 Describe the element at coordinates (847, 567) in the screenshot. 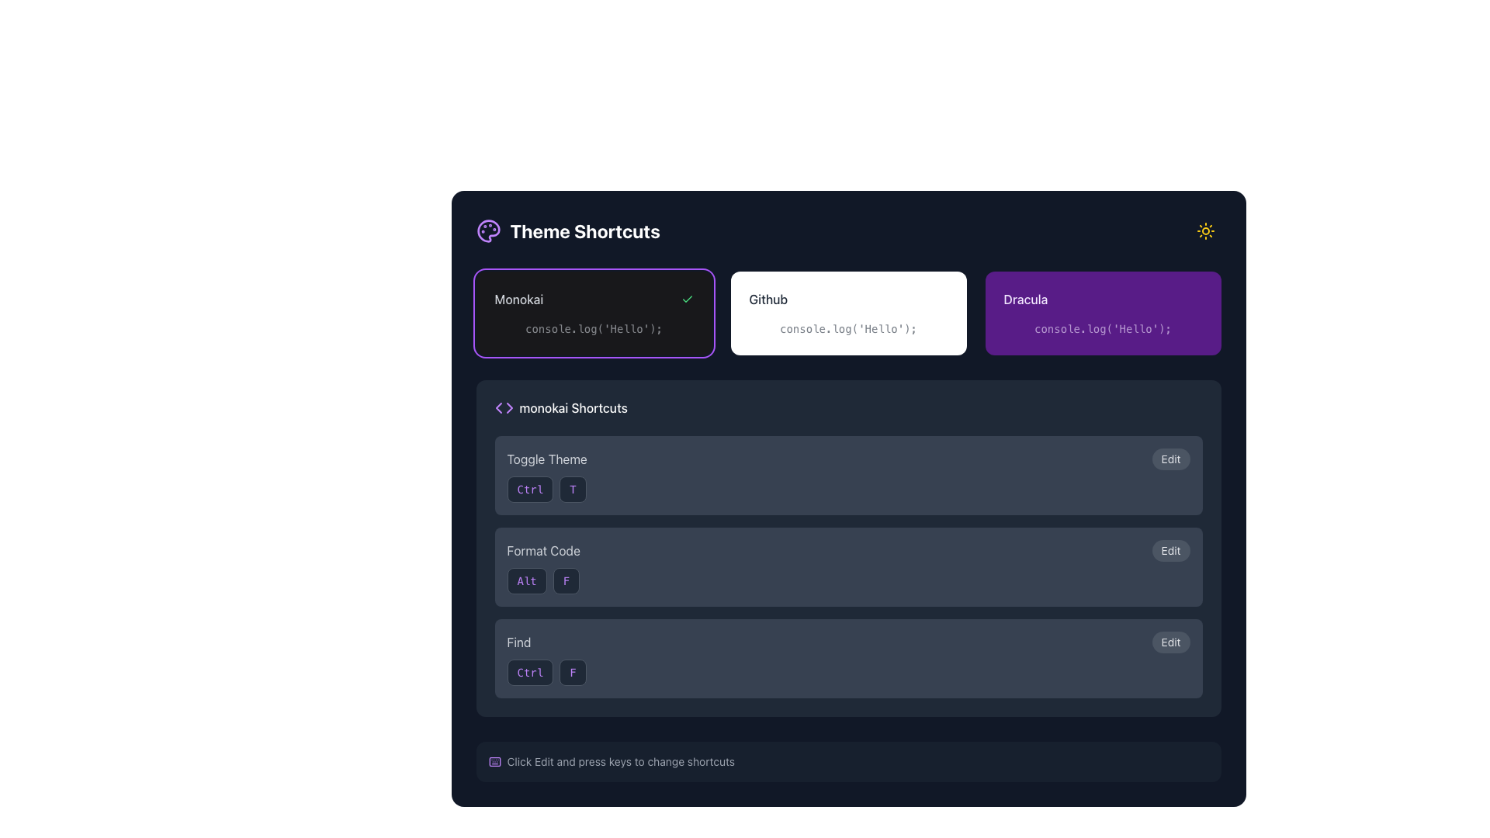

I see `the 'Format Code' interactive shortcut entry element, which is the second entry in the list of shortcuts` at that location.